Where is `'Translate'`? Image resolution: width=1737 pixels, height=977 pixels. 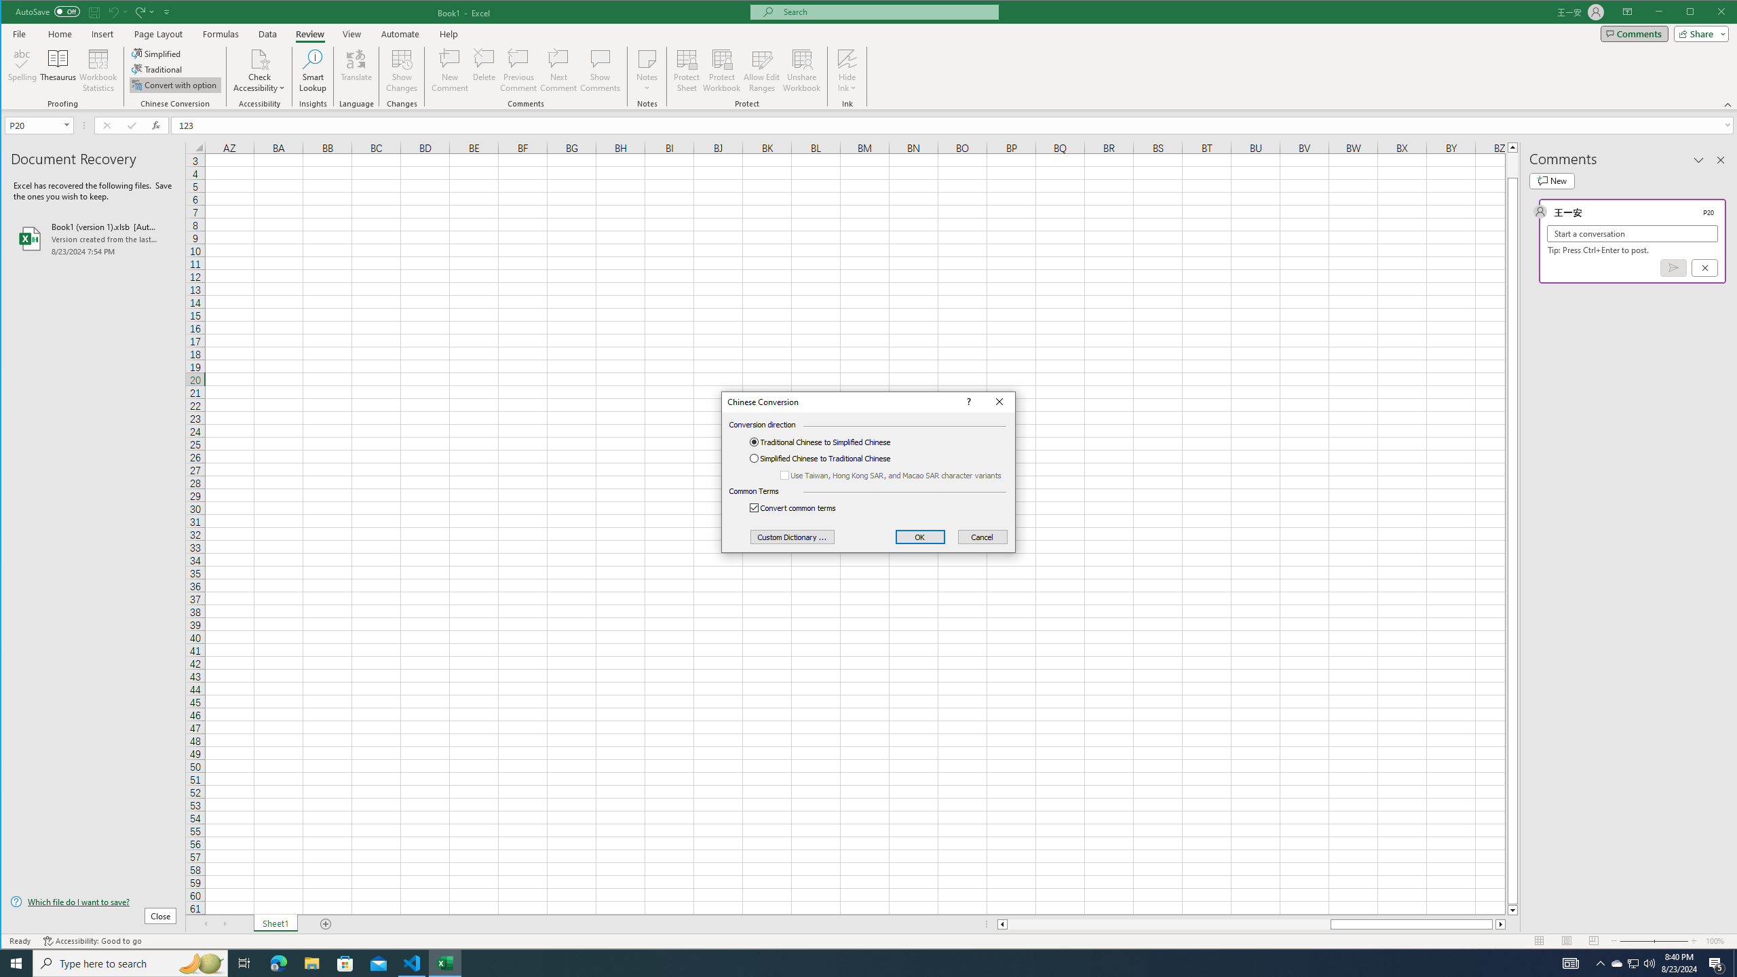
'Translate' is located at coordinates (355, 70).